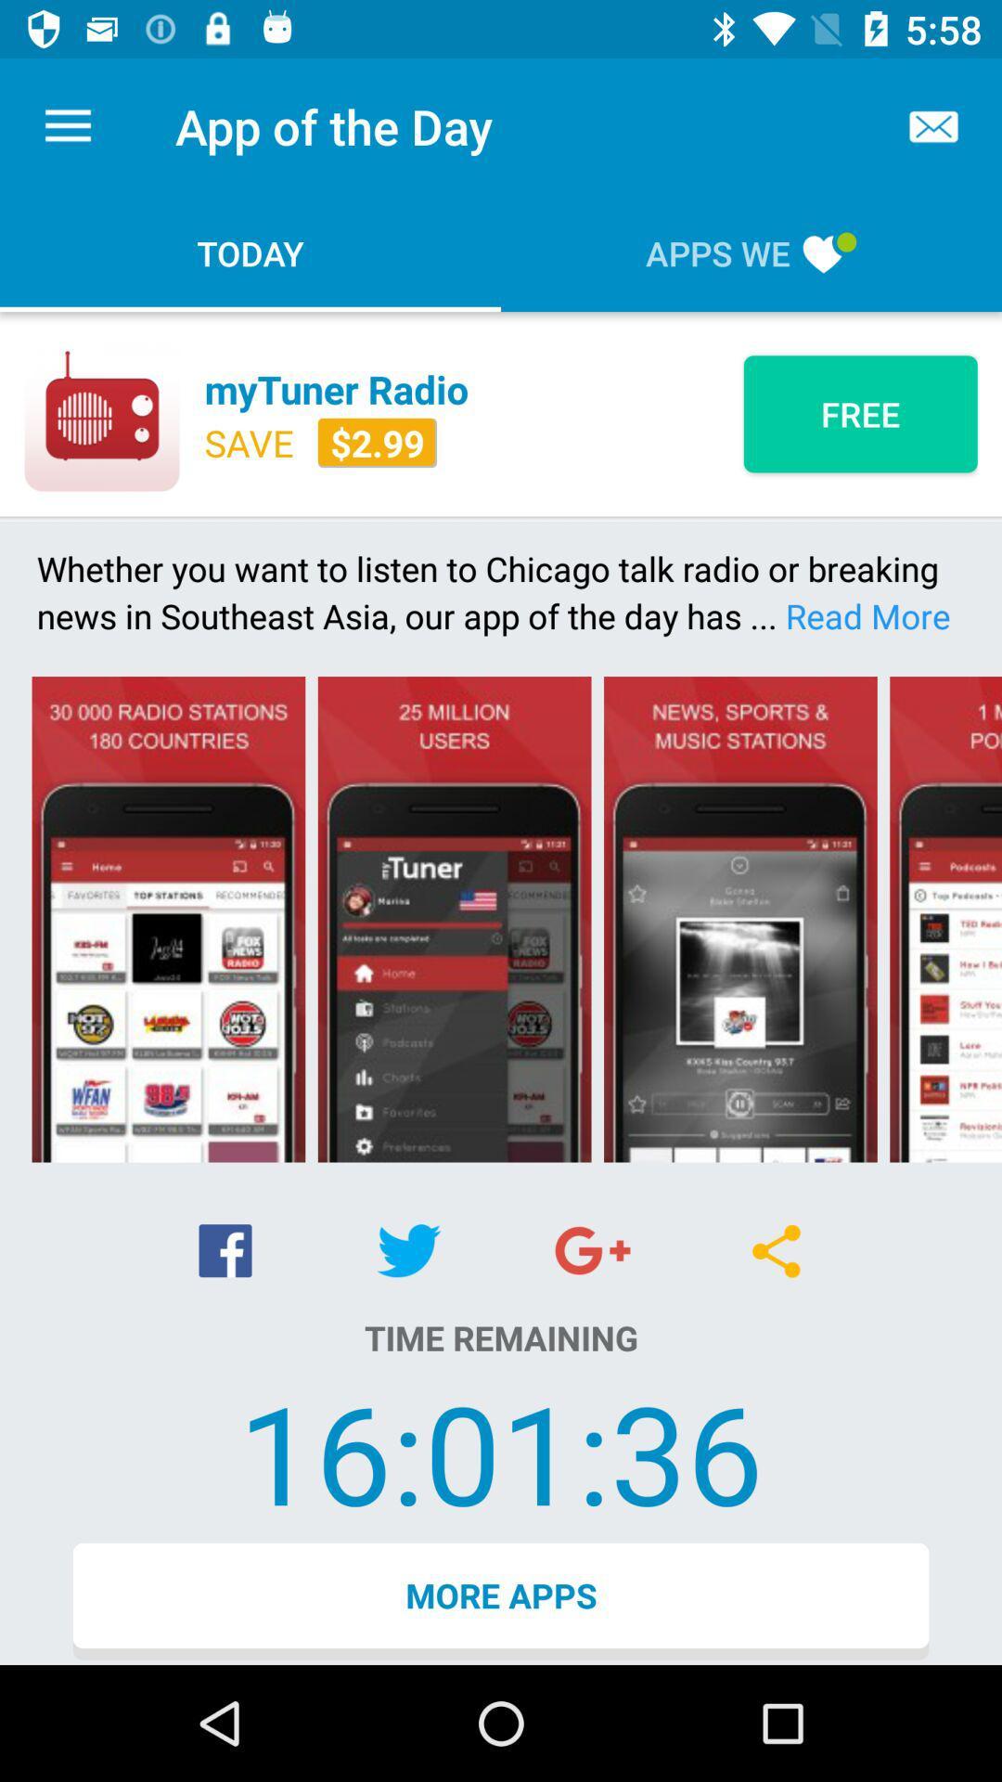 This screenshot has height=1782, width=1002. Describe the element at coordinates (777, 1251) in the screenshot. I see `the share icon` at that location.